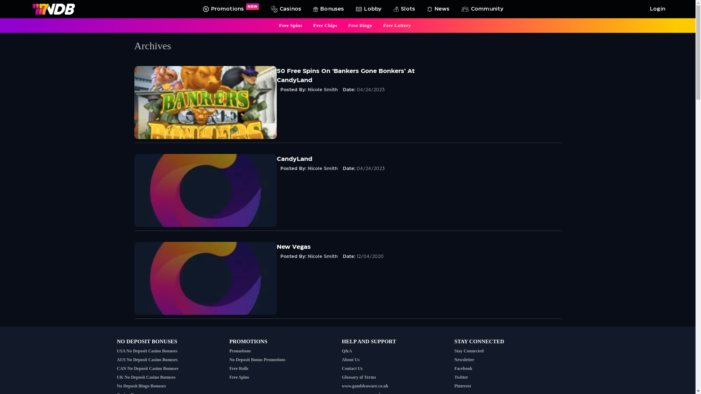 This screenshot has width=701, height=394. Describe the element at coordinates (238, 368) in the screenshot. I see `'Free Rolls'` at that location.